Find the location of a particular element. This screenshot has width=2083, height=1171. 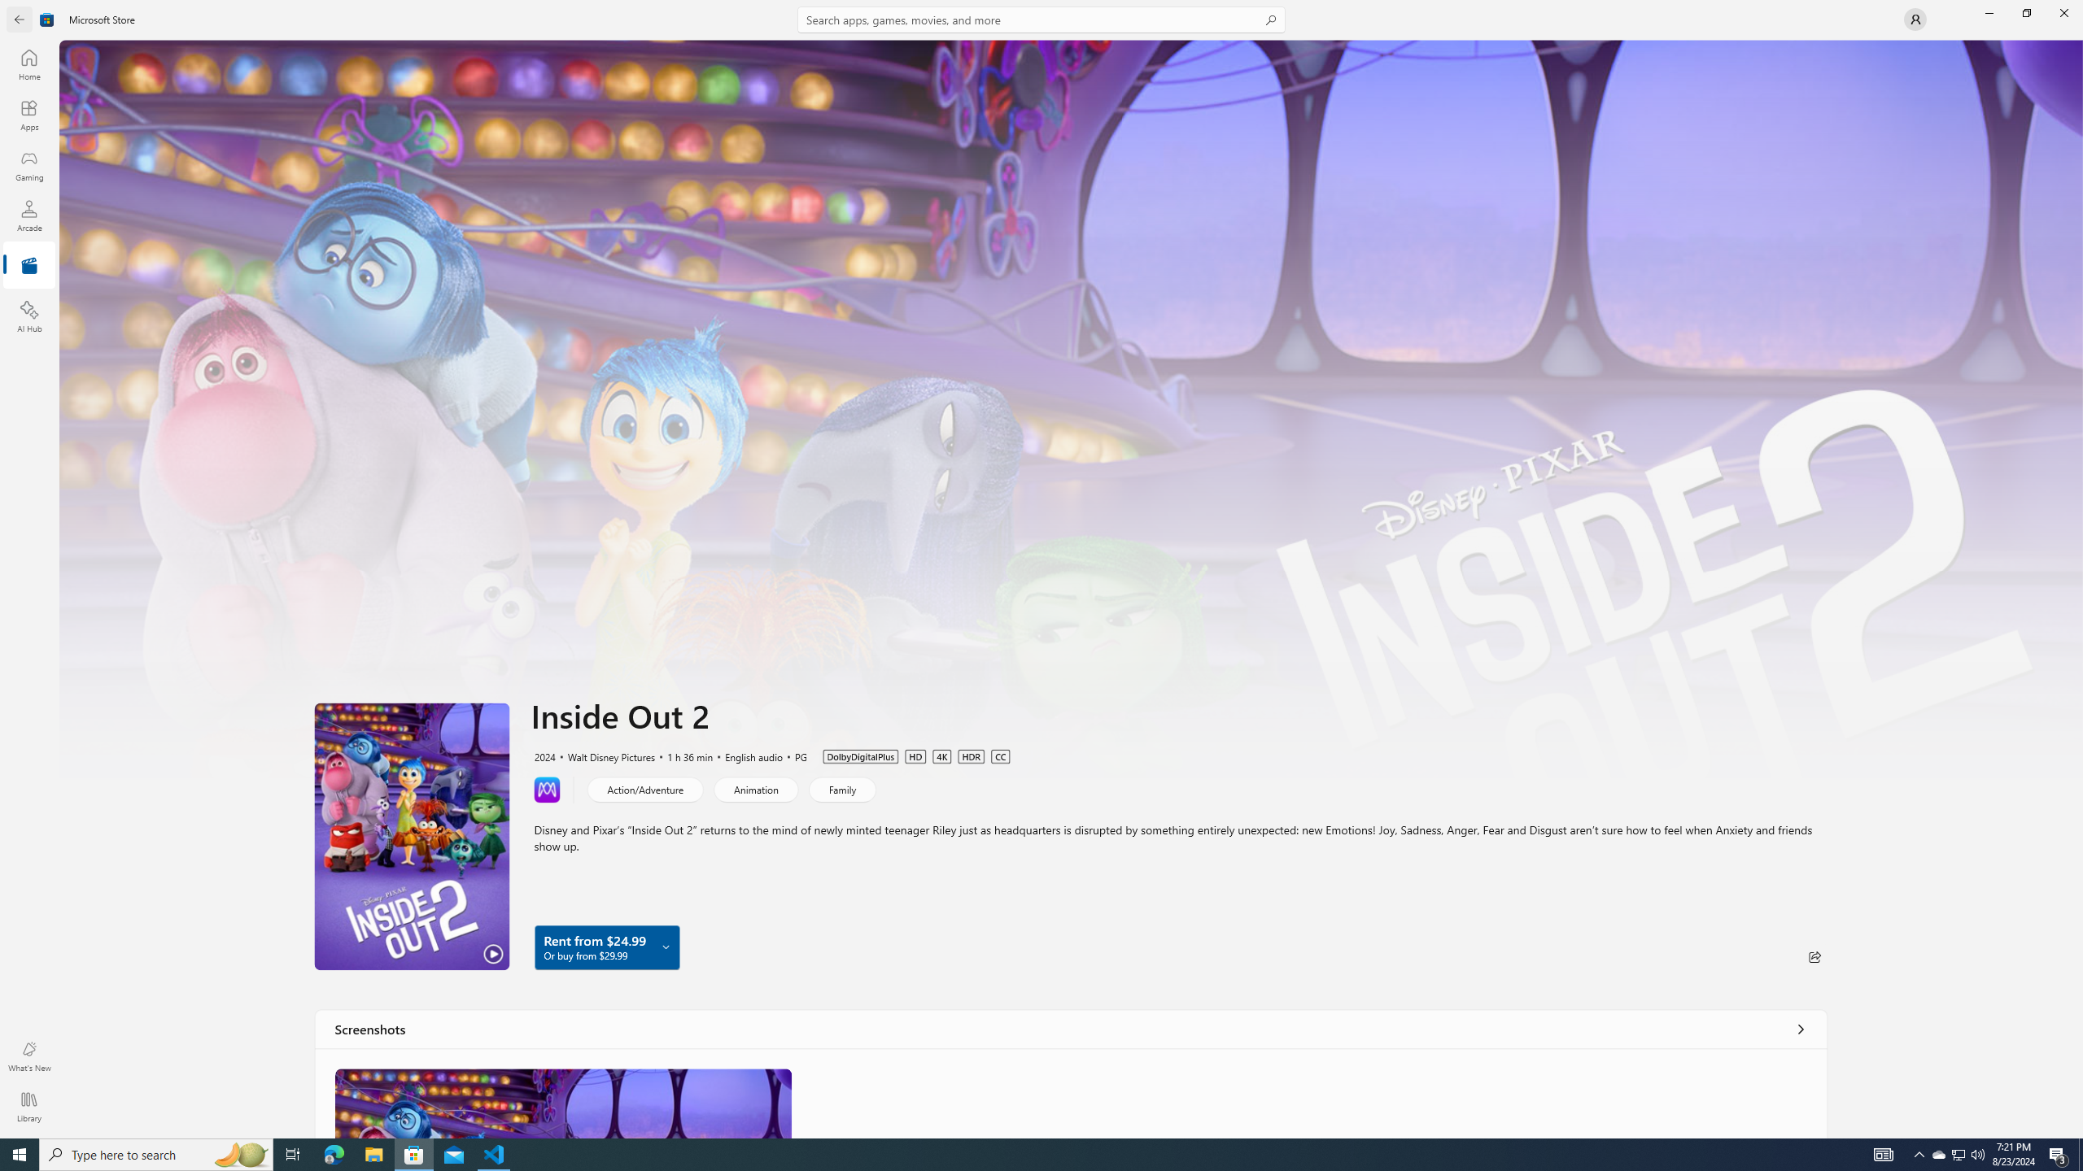

'Family' is located at coordinates (841, 788).